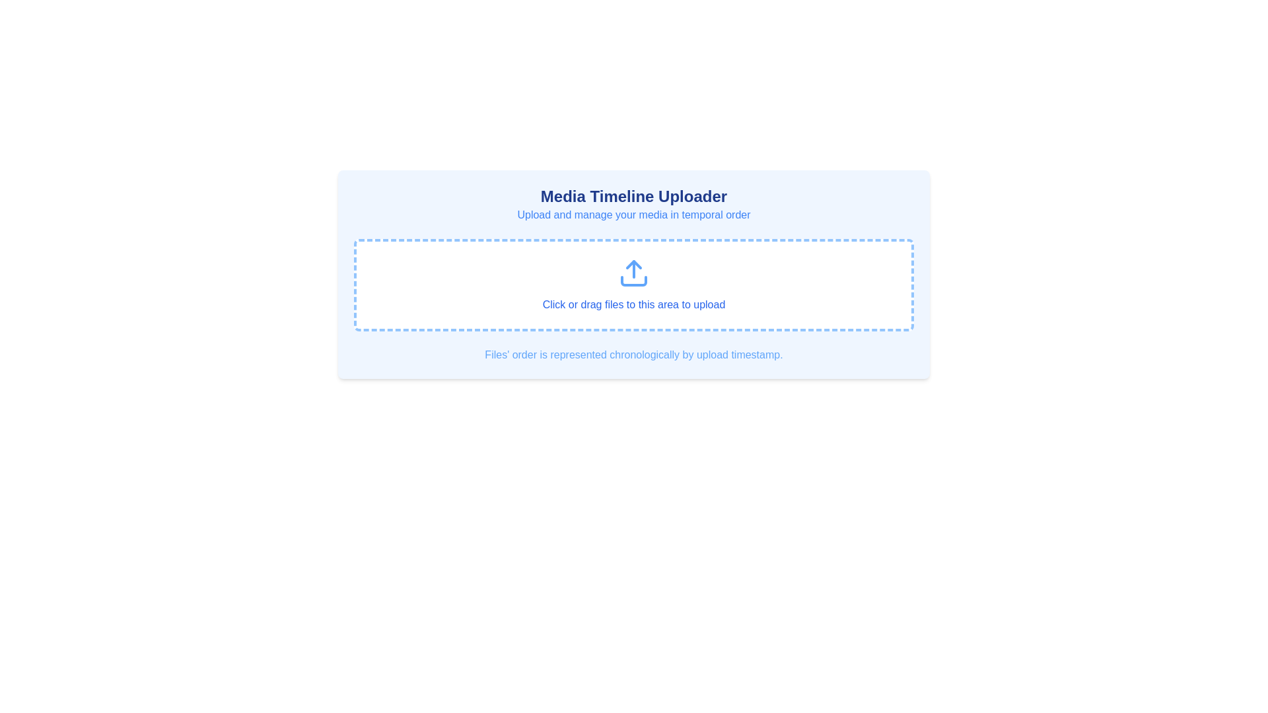 This screenshot has width=1268, height=713. Describe the element at coordinates (634, 305) in the screenshot. I see `the instructional text located below the upload icon` at that location.